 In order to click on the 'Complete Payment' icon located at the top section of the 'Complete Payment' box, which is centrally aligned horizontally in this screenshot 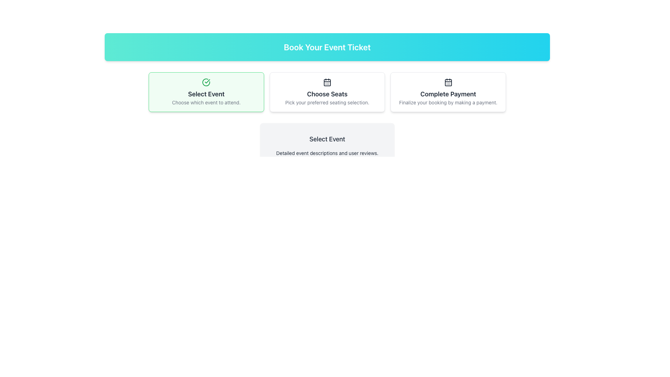, I will do `click(448, 82)`.